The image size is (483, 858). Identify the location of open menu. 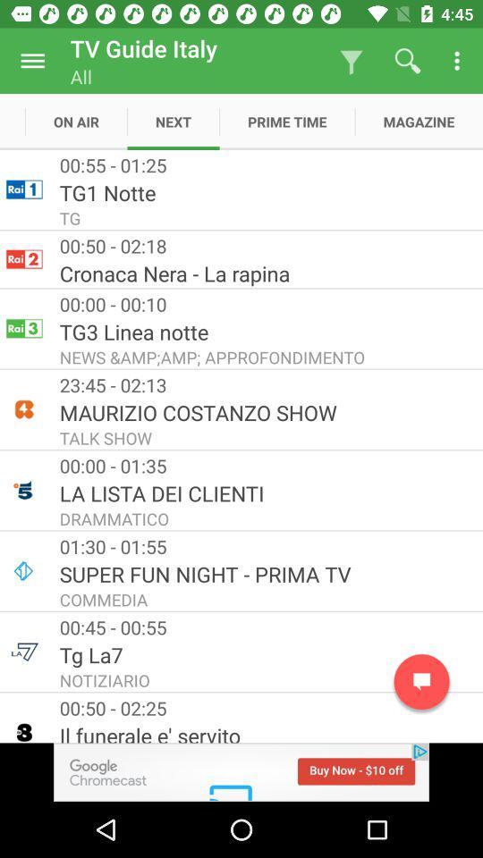
(32, 61).